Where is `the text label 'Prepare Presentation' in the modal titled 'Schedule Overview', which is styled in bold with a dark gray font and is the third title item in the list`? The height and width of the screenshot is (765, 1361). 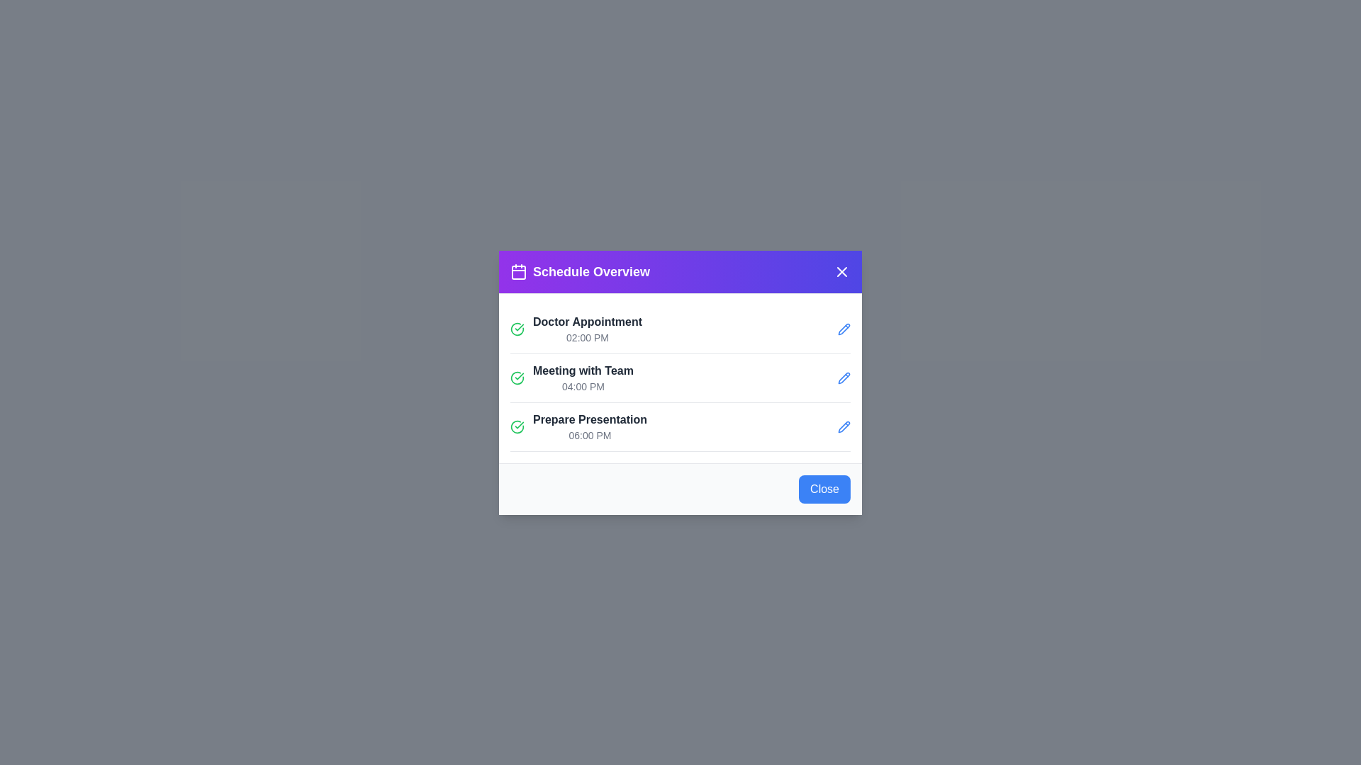 the text label 'Prepare Presentation' in the modal titled 'Schedule Overview', which is styled in bold with a dark gray font and is the third title item in the list is located at coordinates (590, 419).